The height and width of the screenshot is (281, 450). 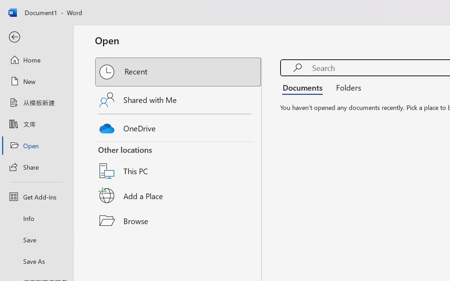 What do you see at coordinates (346, 87) in the screenshot?
I see `'Folders'` at bounding box center [346, 87].